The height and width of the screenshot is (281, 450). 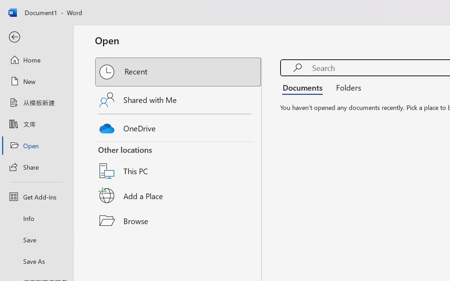 What do you see at coordinates (346, 87) in the screenshot?
I see `'Folders'` at bounding box center [346, 87].